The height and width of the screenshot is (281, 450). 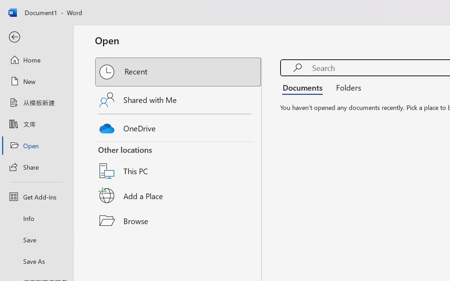 What do you see at coordinates (346, 87) in the screenshot?
I see `'Folders'` at bounding box center [346, 87].